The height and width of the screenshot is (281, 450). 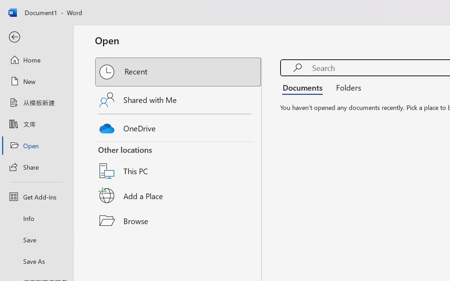 What do you see at coordinates (346, 87) in the screenshot?
I see `'Folders'` at bounding box center [346, 87].